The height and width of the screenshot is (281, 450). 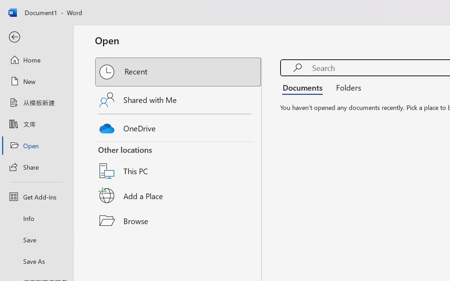 What do you see at coordinates (346, 87) in the screenshot?
I see `'Folders'` at bounding box center [346, 87].